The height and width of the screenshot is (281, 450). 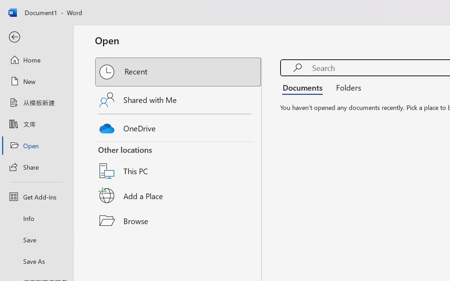 What do you see at coordinates (346, 87) in the screenshot?
I see `'Folders'` at bounding box center [346, 87].